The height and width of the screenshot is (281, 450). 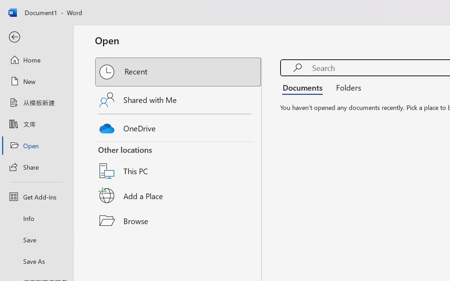 What do you see at coordinates (346, 87) in the screenshot?
I see `'Folders'` at bounding box center [346, 87].